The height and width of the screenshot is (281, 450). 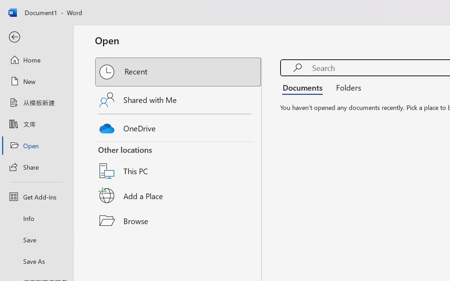 What do you see at coordinates (346, 87) in the screenshot?
I see `'Folders'` at bounding box center [346, 87].